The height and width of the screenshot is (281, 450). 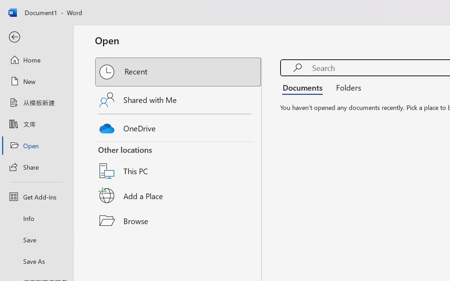 What do you see at coordinates (346, 87) in the screenshot?
I see `'Folders'` at bounding box center [346, 87].